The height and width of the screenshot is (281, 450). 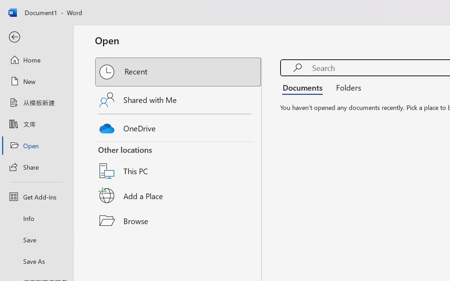 What do you see at coordinates (346, 87) in the screenshot?
I see `'Folders'` at bounding box center [346, 87].